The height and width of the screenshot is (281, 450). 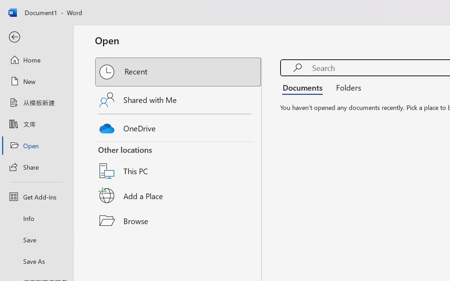 What do you see at coordinates (346, 87) in the screenshot?
I see `'Folders'` at bounding box center [346, 87].